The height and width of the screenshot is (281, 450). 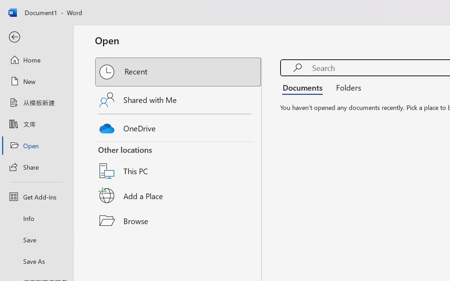 What do you see at coordinates (346, 87) in the screenshot?
I see `'Folders'` at bounding box center [346, 87].